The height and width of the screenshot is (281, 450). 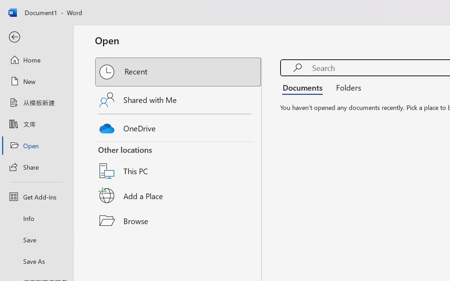 What do you see at coordinates (346, 87) in the screenshot?
I see `'Folders'` at bounding box center [346, 87].